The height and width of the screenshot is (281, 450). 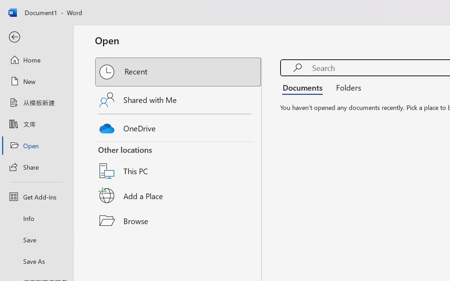 What do you see at coordinates (346, 87) in the screenshot?
I see `'Folders'` at bounding box center [346, 87].